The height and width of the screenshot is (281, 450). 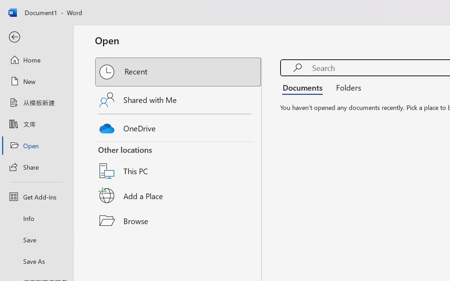 What do you see at coordinates (346, 87) in the screenshot?
I see `'Folders'` at bounding box center [346, 87].